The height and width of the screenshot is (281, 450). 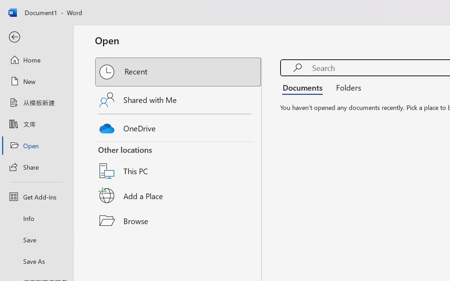 What do you see at coordinates (346, 87) in the screenshot?
I see `'Folders'` at bounding box center [346, 87].